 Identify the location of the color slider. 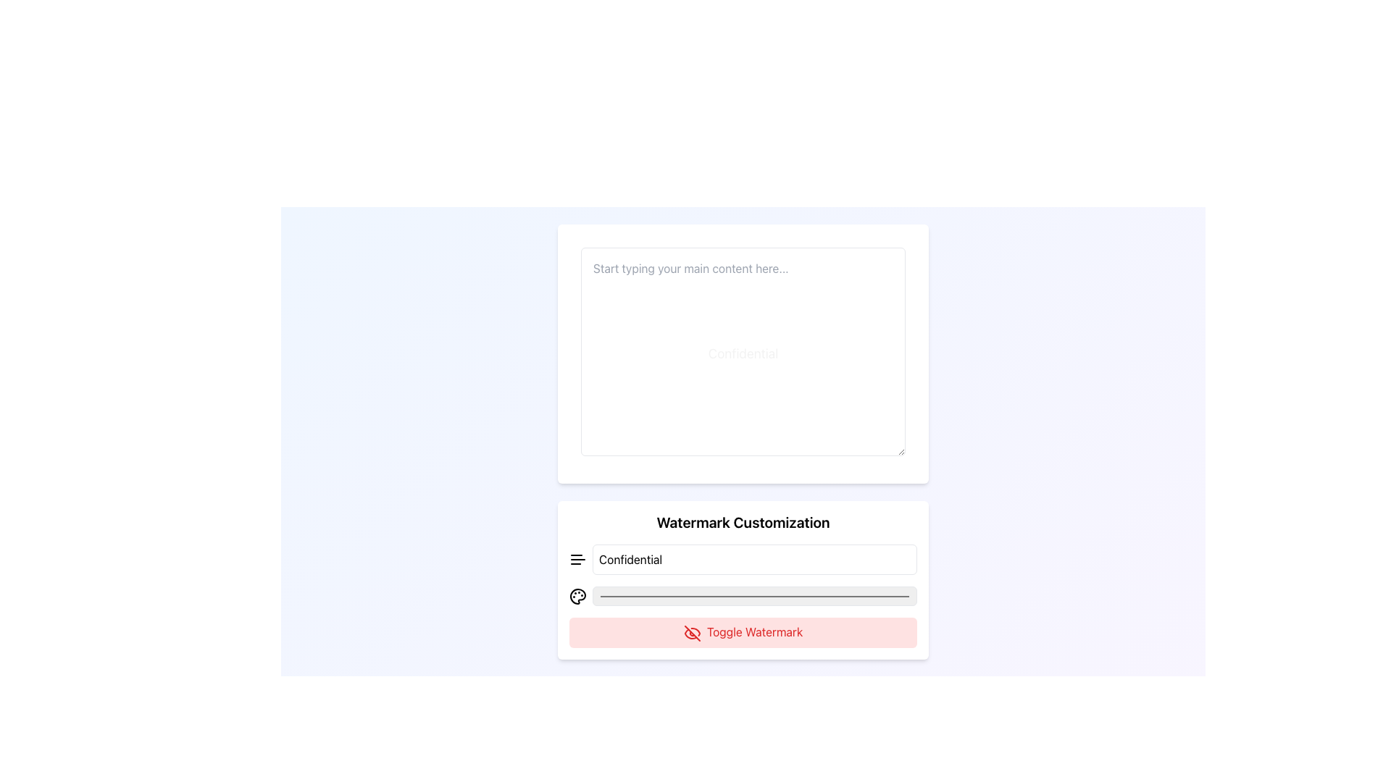
(738, 596).